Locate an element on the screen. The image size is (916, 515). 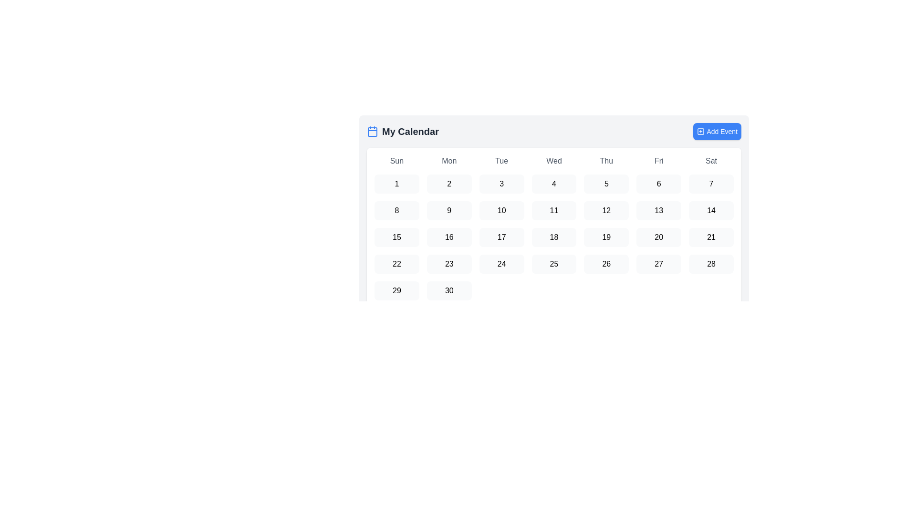
the first calendar date cell displaying the number '1' is located at coordinates (396, 184).